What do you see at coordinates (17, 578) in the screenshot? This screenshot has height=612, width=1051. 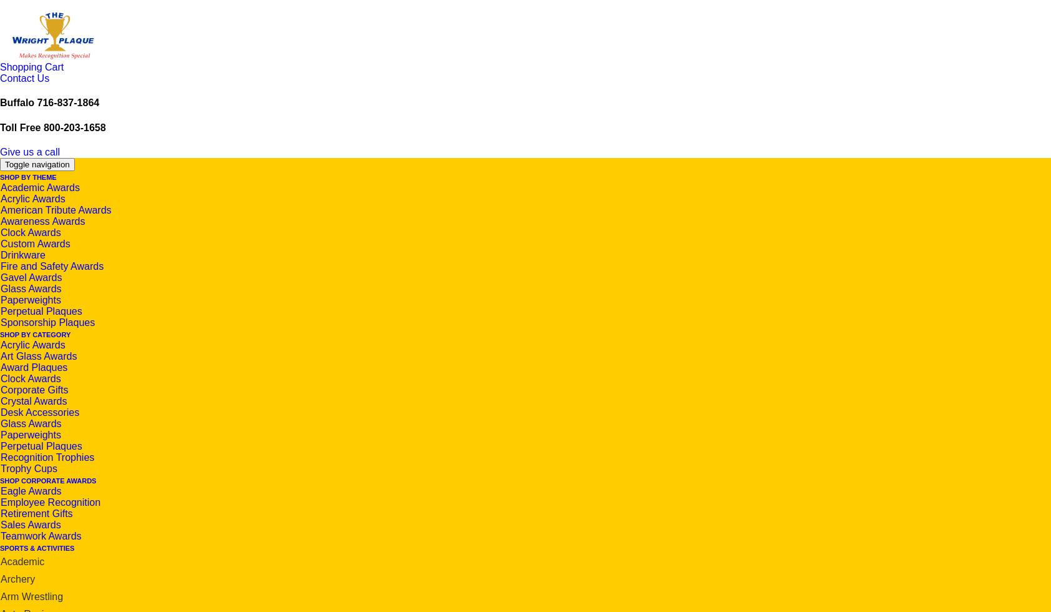 I see `'Archery'` at bounding box center [17, 578].